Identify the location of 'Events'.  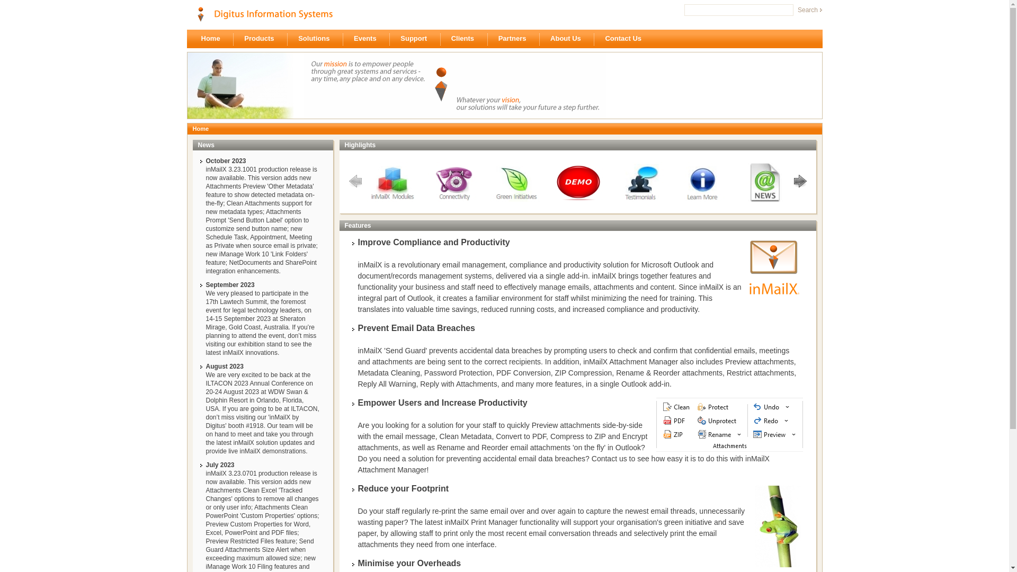
(368, 38).